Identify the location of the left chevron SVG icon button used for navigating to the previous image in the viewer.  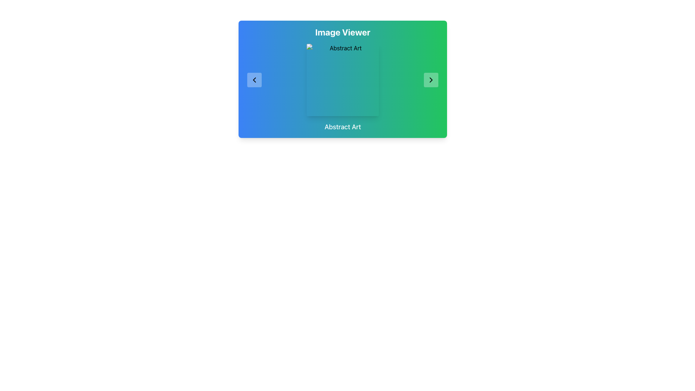
(254, 80).